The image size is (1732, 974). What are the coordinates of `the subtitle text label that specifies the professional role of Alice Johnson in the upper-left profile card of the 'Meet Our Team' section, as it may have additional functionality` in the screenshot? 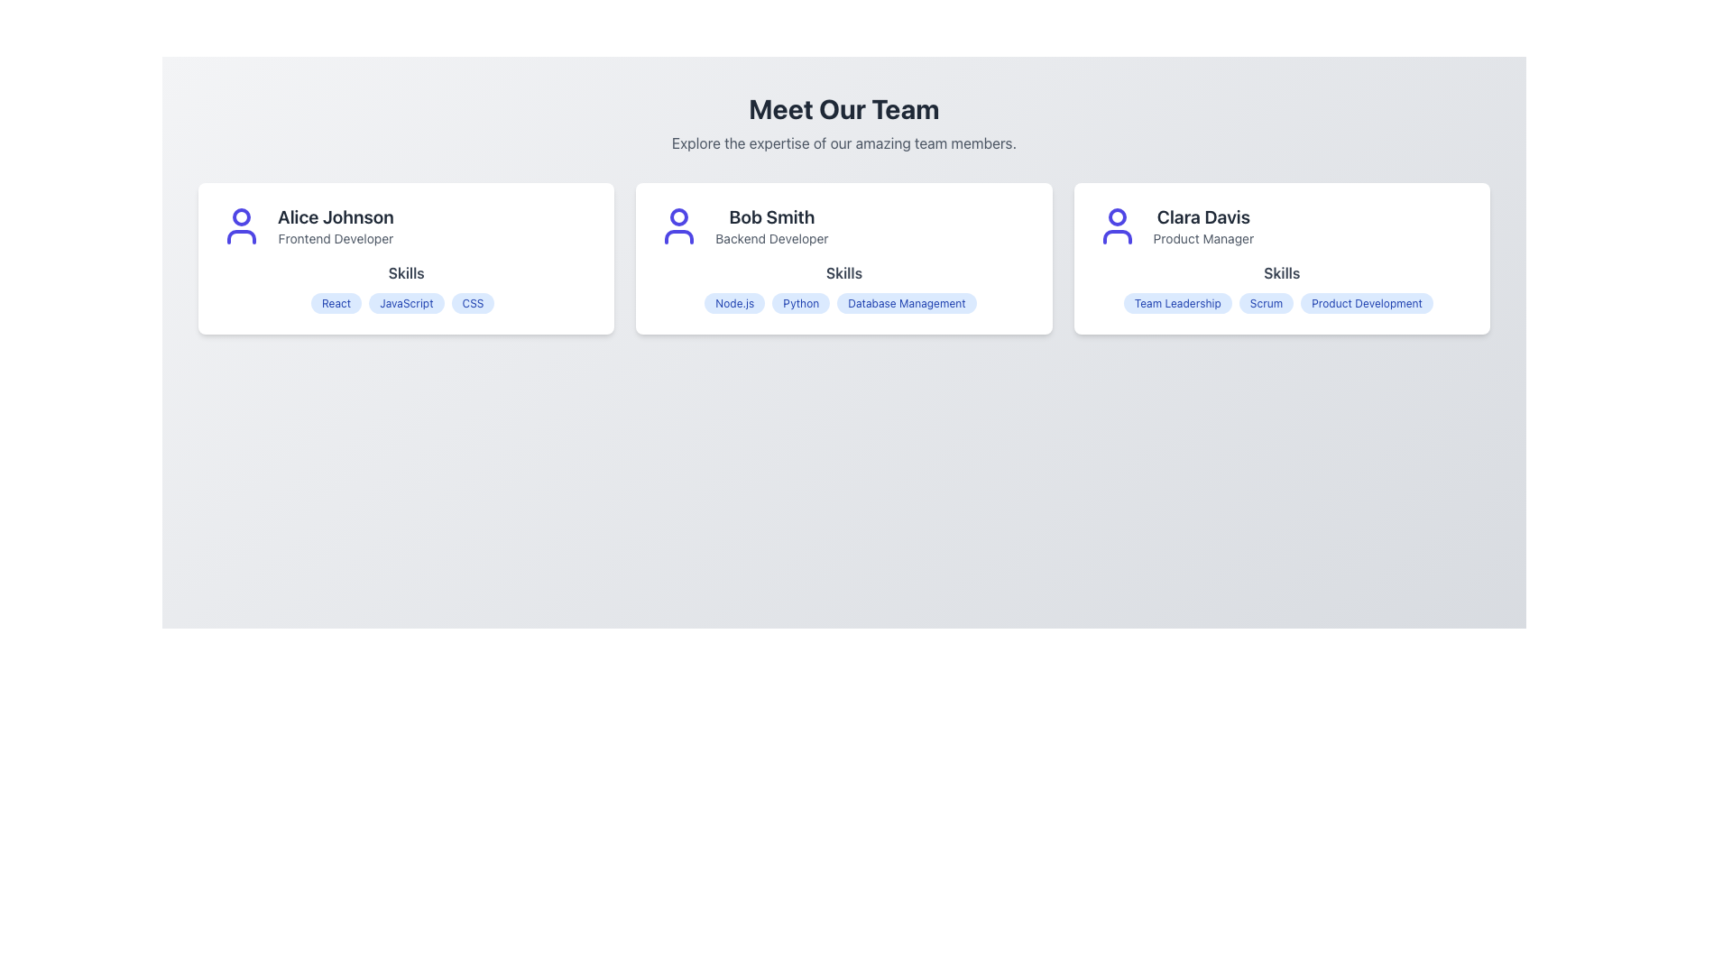 It's located at (336, 238).